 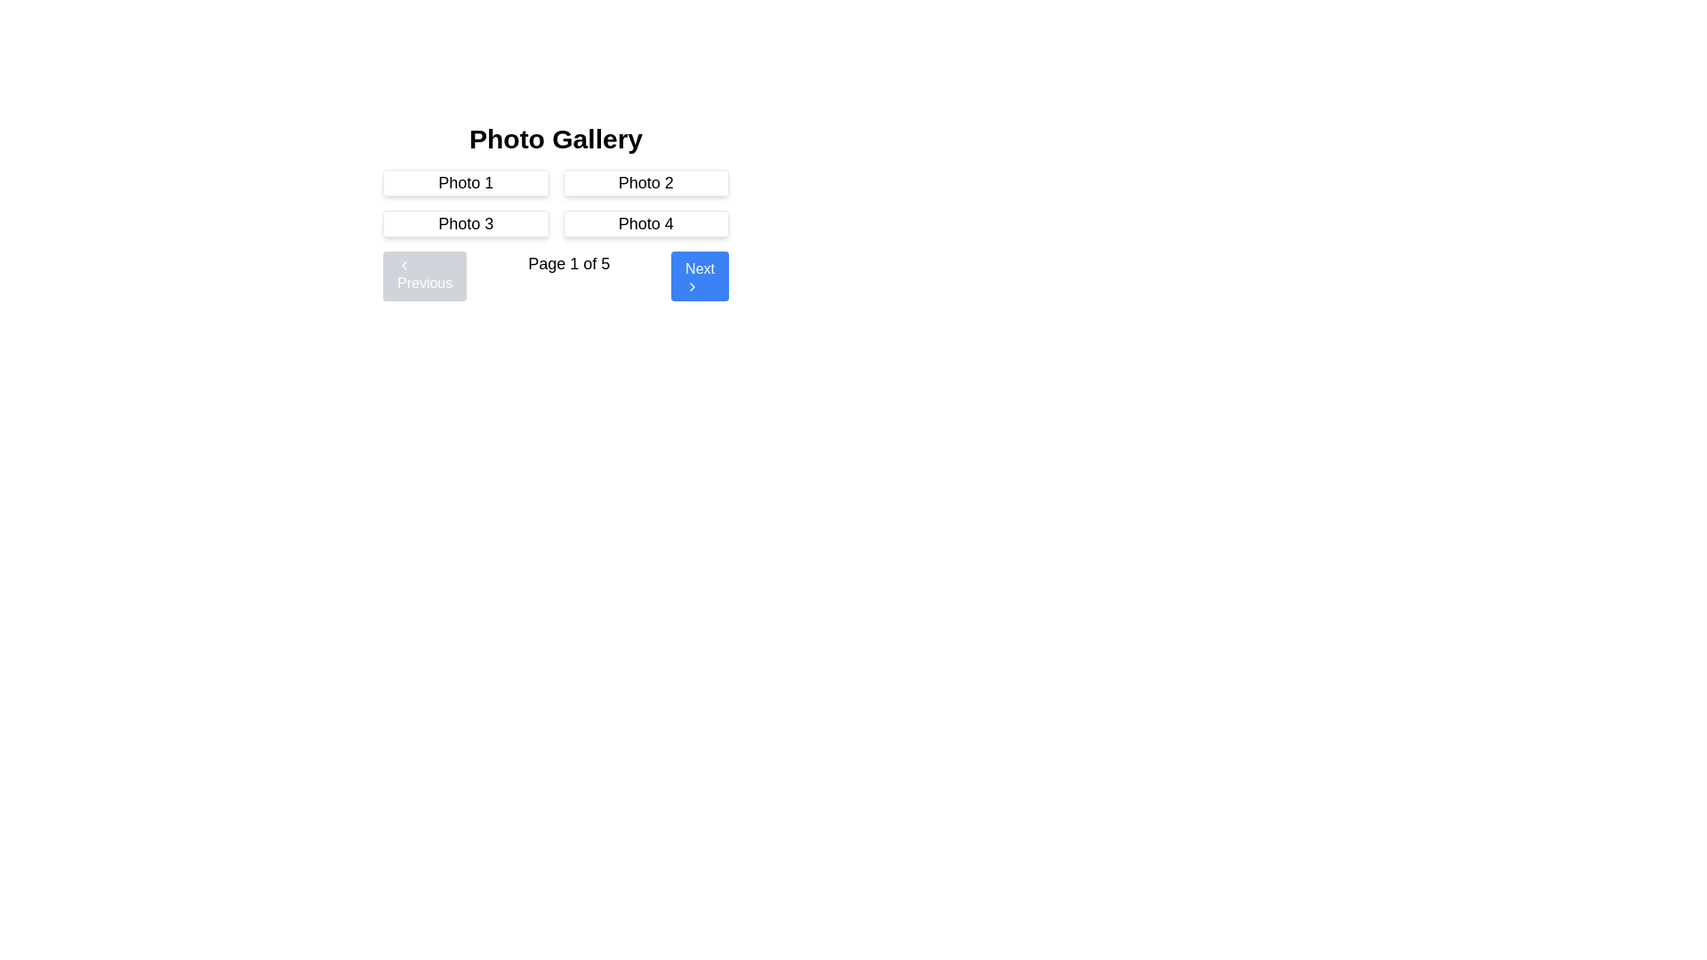 What do you see at coordinates (466, 222) in the screenshot?
I see `the rectangular button labeled 'Photo 3' located in the second row and first column of the grid` at bounding box center [466, 222].